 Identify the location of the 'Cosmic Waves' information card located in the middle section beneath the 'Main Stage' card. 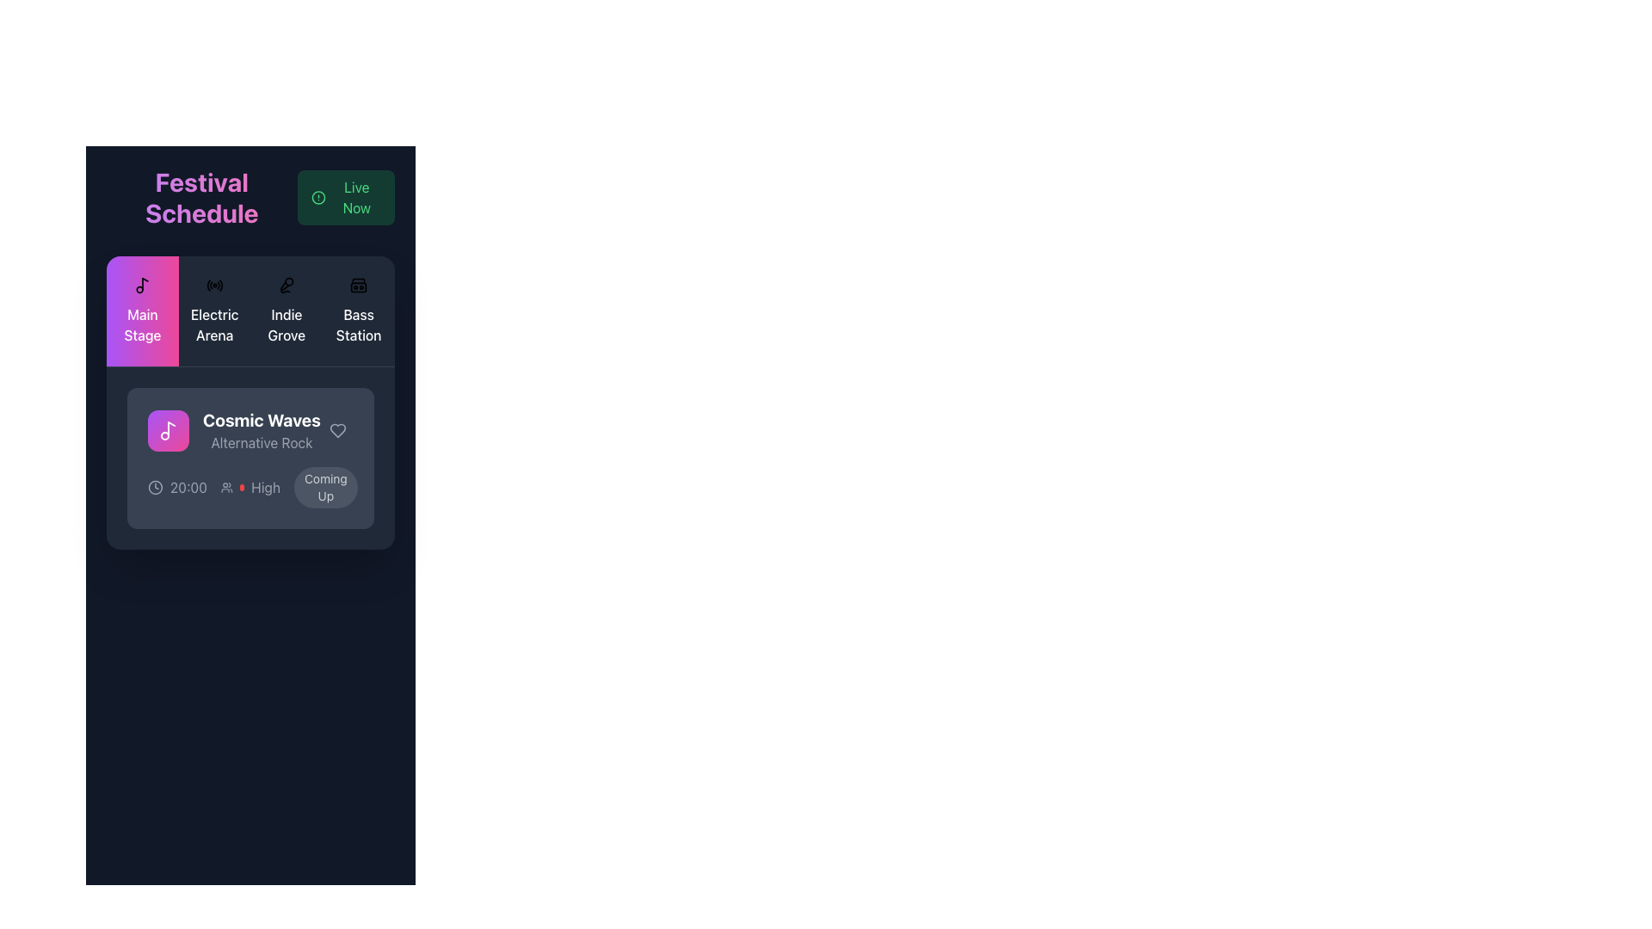
(250, 457).